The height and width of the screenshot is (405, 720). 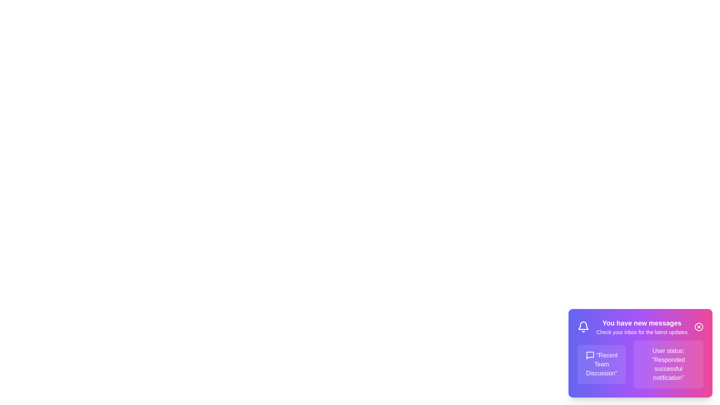 What do you see at coordinates (698, 326) in the screenshot?
I see `the close icon to dismiss the notification` at bounding box center [698, 326].